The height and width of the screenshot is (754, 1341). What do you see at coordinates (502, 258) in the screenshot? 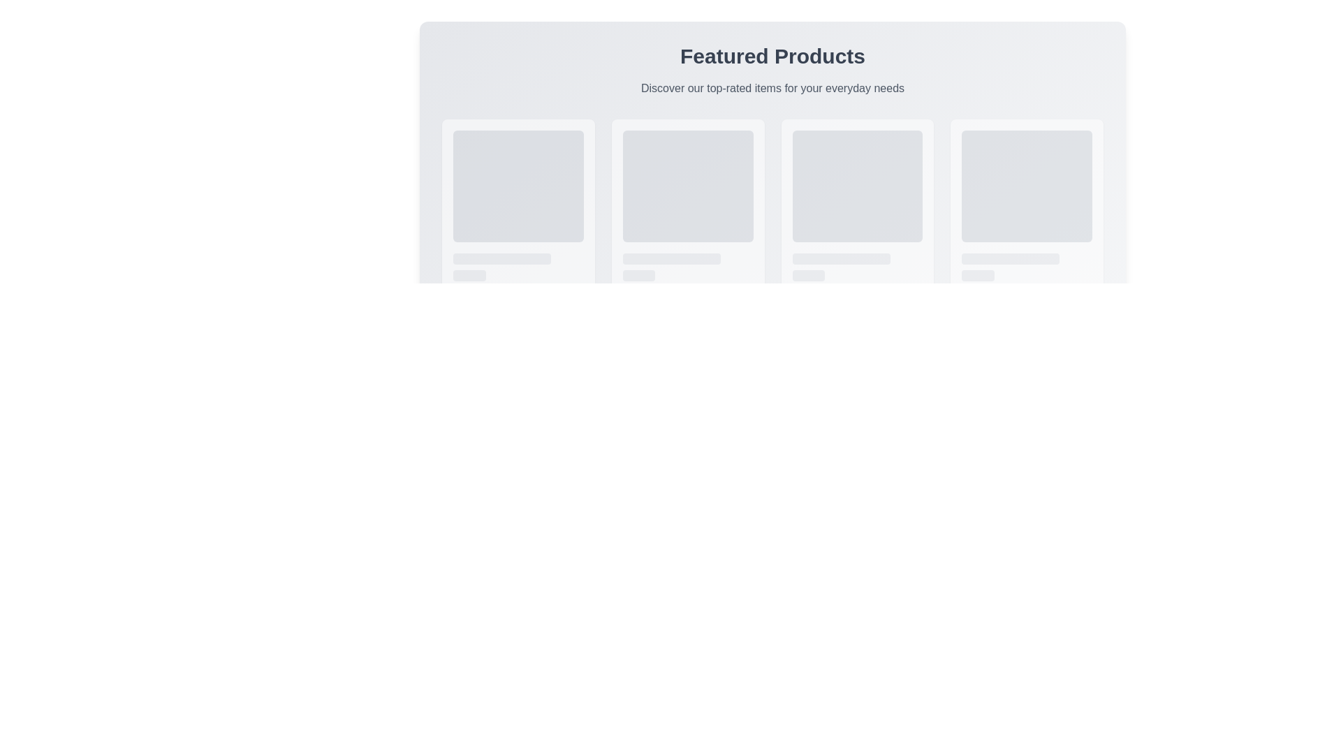
I see `the gray rectangular Decorative Placeholder Bar with rounded edges, which is centrally aligned under the image placeholder in the card layout` at bounding box center [502, 258].